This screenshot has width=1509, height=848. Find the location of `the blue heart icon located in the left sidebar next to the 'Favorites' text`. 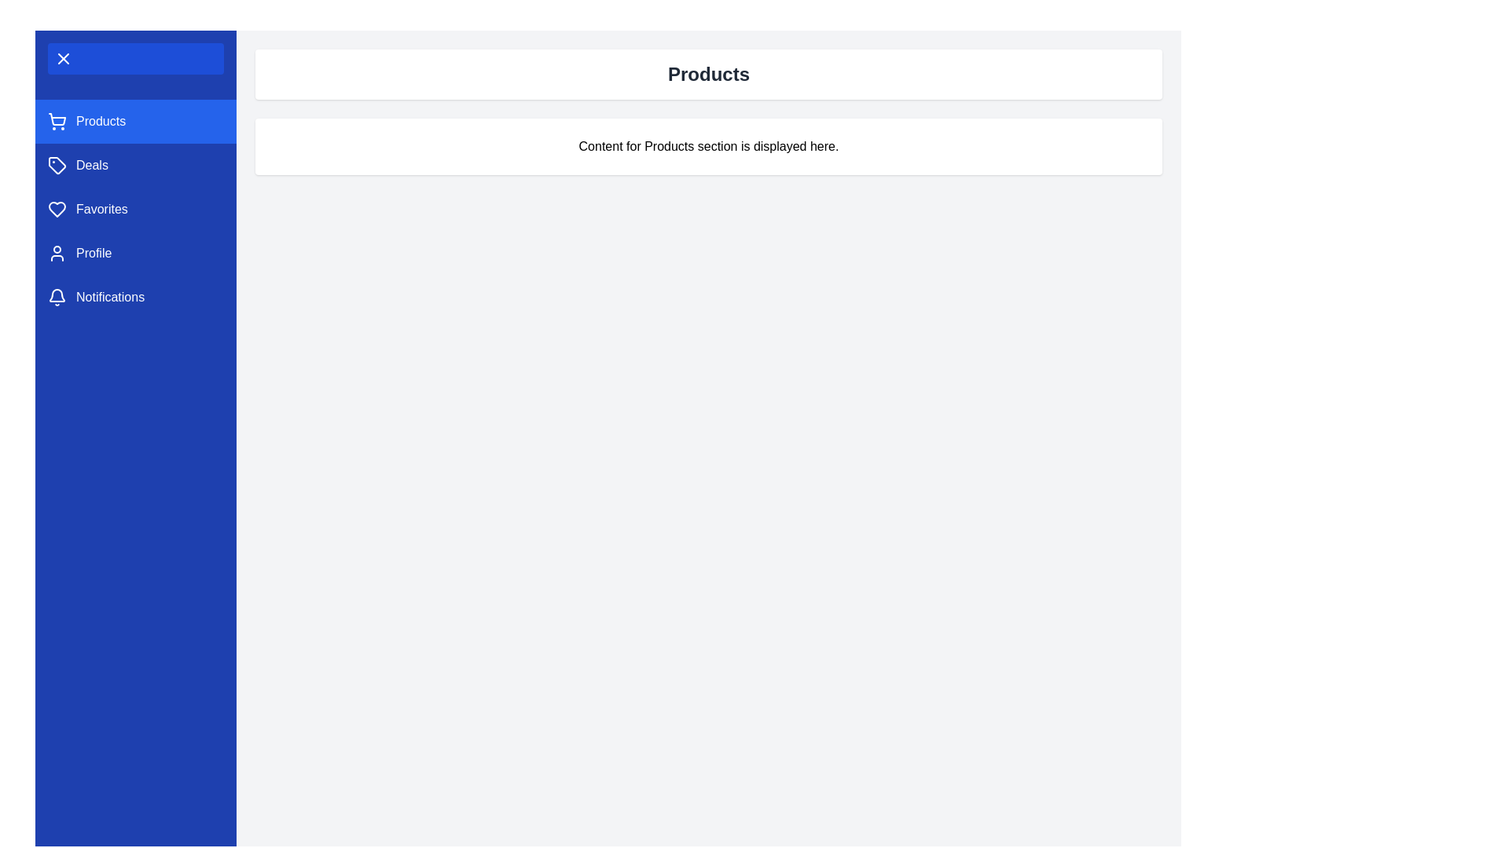

the blue heart icon located in the left sidebar next to the 'Favorites' text is located at coordinates (57, 208).